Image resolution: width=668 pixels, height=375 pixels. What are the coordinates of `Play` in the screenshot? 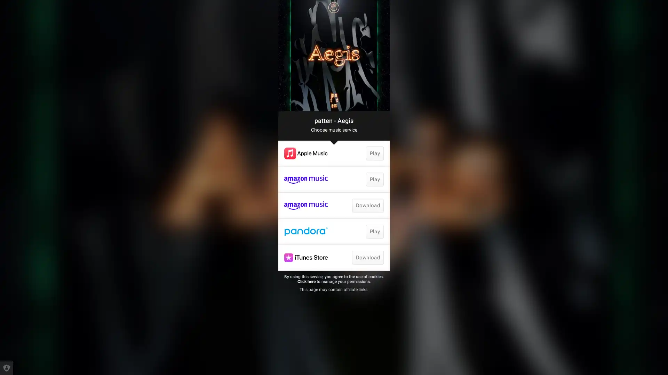 It's located at (374, 179).